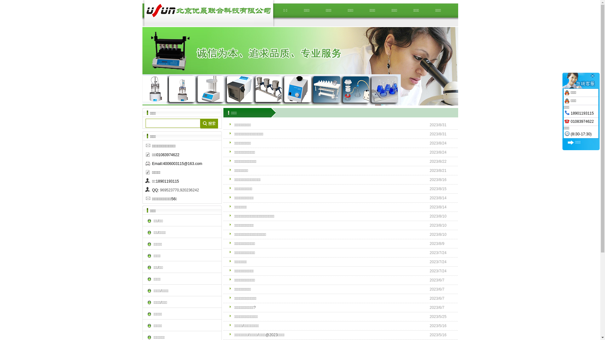 This screenshot has height=340, width=605. I want to click on '969523770,920236242', so click(179, 190).